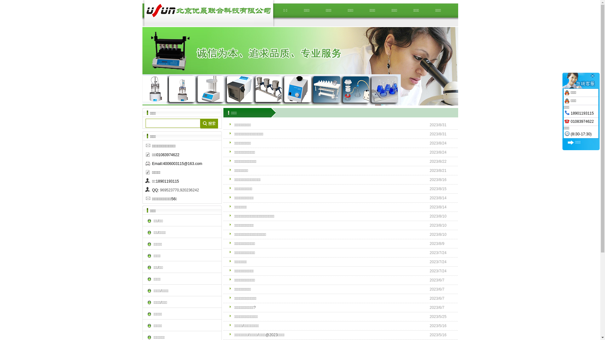 This screenshot has height=340, width=605. I want to click on '969523770,920236242', so click(179, 190).